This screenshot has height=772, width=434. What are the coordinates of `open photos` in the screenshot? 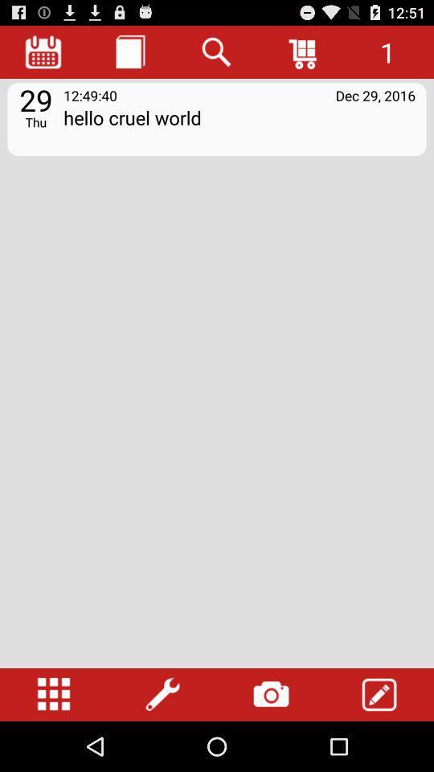 It's located at (271, 694).